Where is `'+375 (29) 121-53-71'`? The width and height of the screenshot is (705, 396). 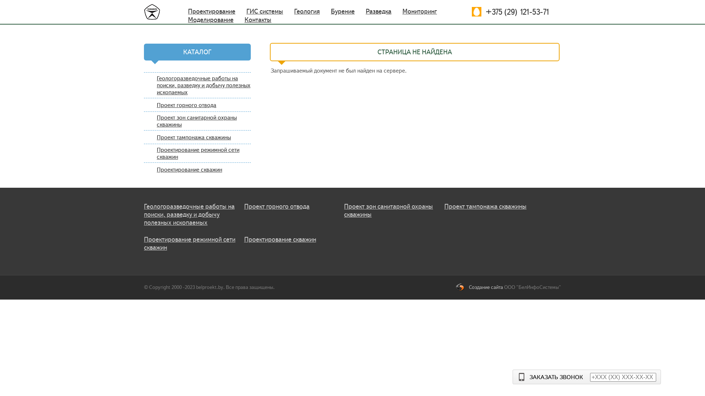
'+375 (29) 121-53-71' is located at coordinates (476, 11).